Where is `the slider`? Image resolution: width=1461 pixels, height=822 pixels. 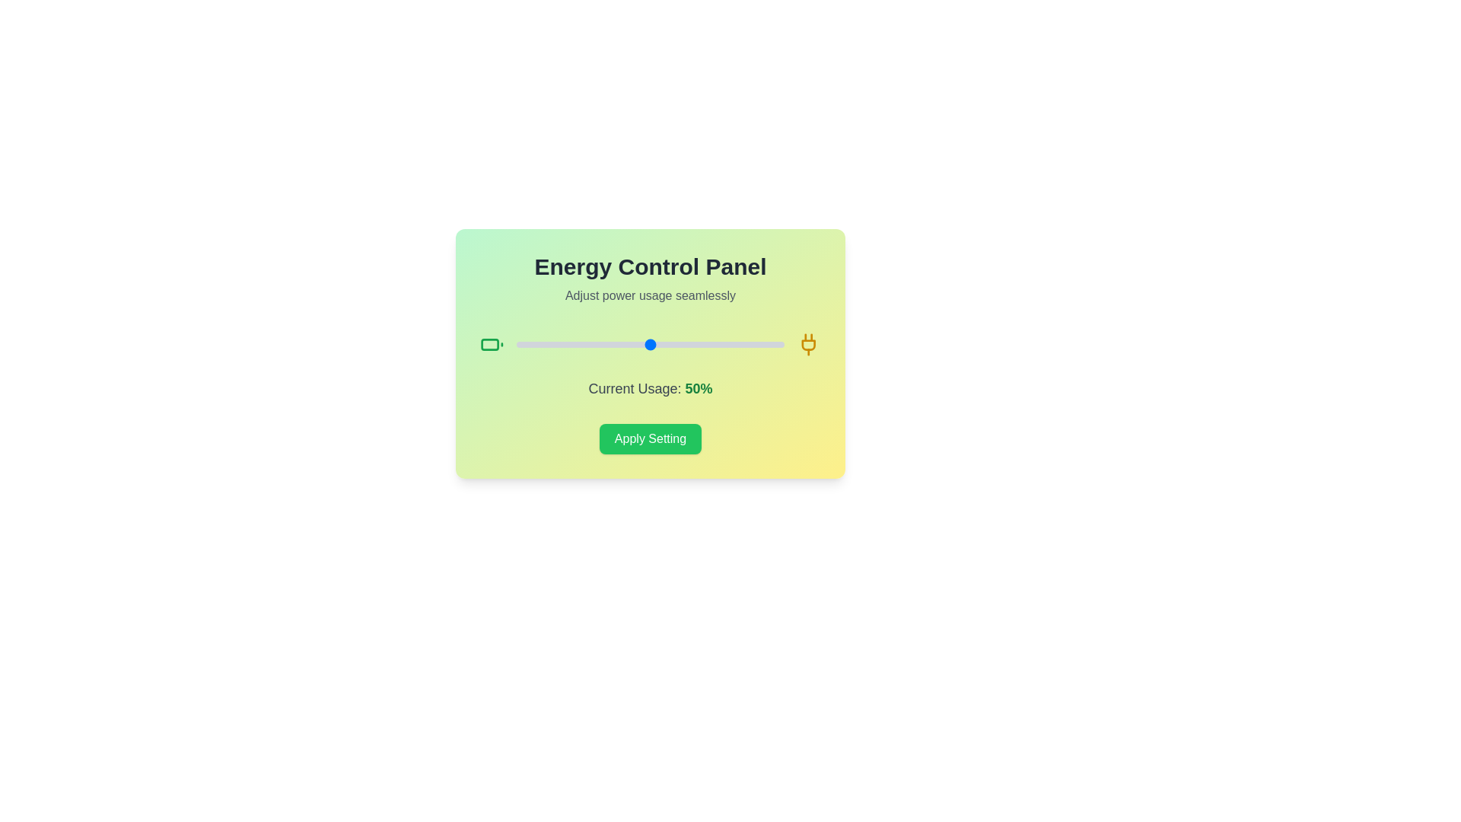
the slider is located at coordinates (606, 344).